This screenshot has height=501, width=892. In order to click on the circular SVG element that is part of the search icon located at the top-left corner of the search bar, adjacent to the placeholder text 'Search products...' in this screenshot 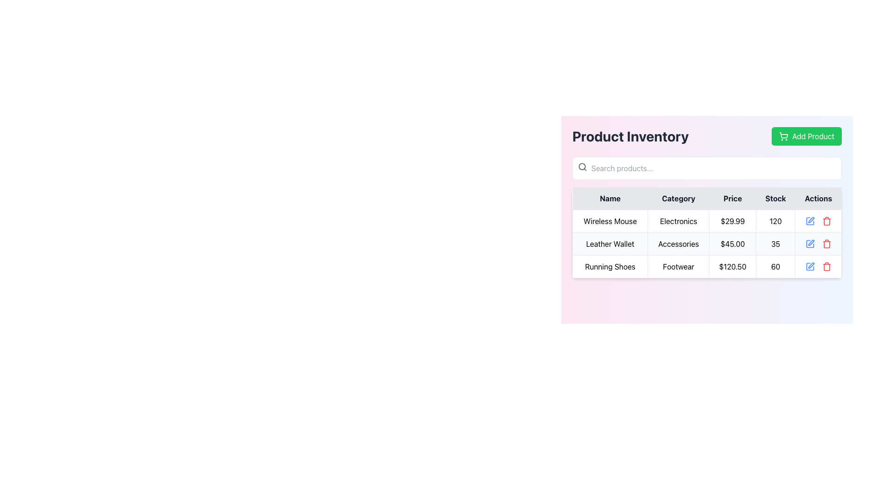, I will do `click(582, 166)`.